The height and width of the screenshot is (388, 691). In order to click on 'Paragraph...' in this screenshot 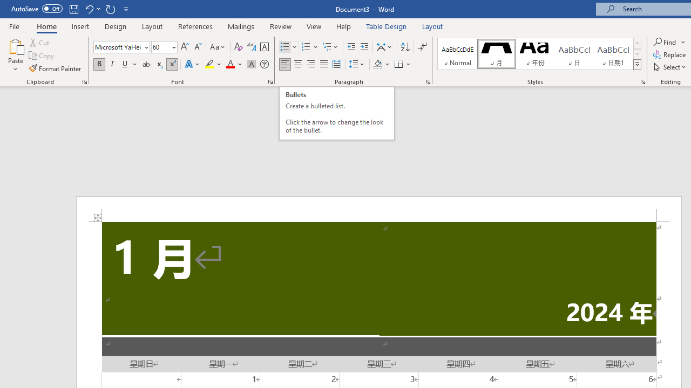, I will do `click(427, 81)`.